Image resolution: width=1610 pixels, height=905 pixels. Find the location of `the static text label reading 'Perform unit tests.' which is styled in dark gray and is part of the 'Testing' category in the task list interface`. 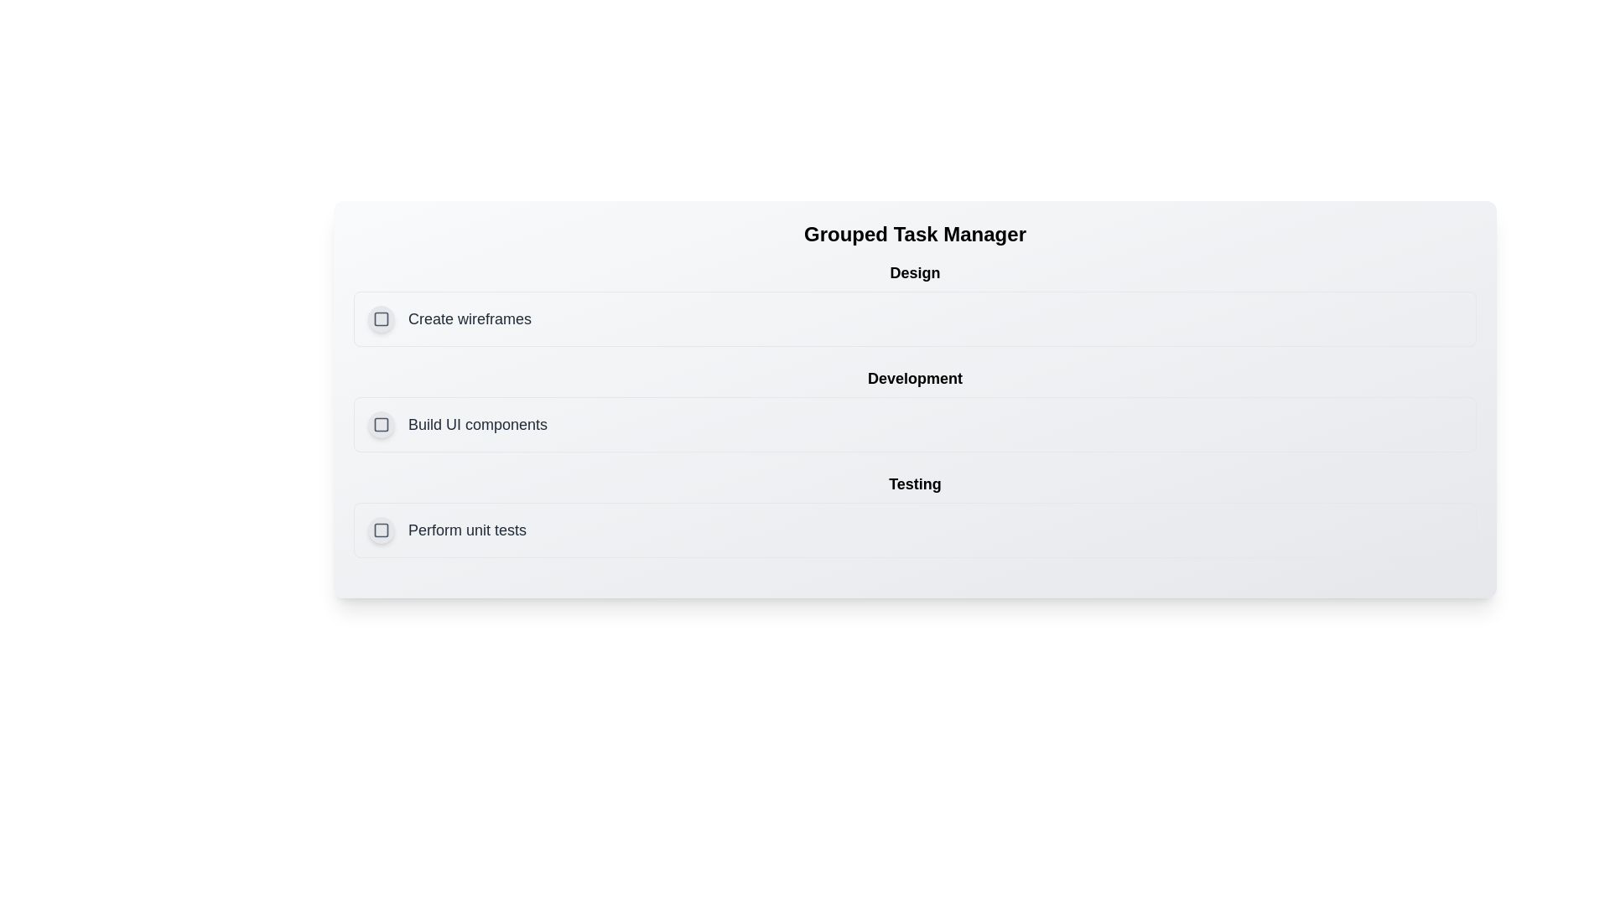

the static text label reading 'Perform unit tests.' which is styled in dark gray and is part of the 'Testing' category in the task list interface is located at coordinates (467, 530).